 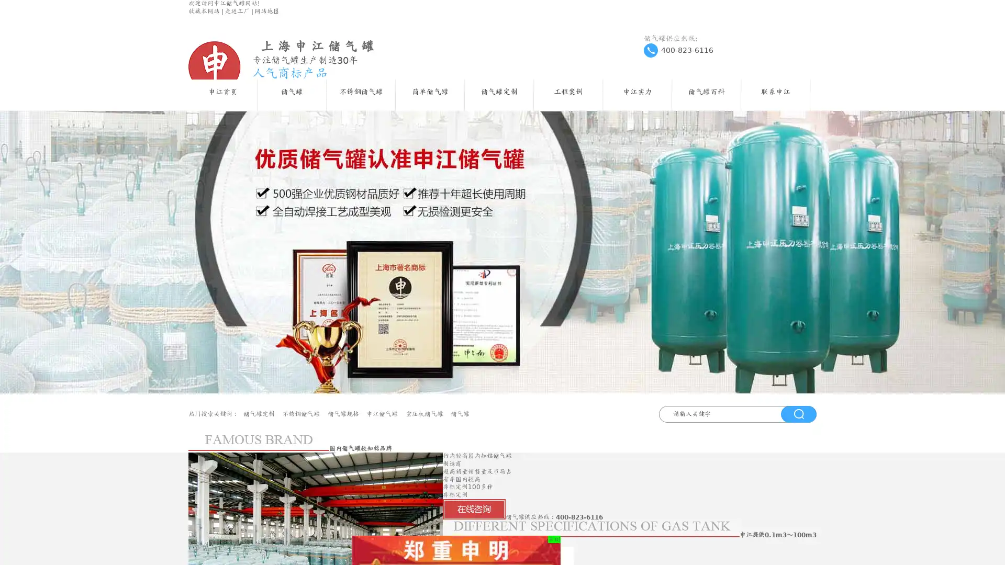 What do you see at coordinates (798, 413) in the screenshot?
I see `Submit` at bounding box center [798, 413].